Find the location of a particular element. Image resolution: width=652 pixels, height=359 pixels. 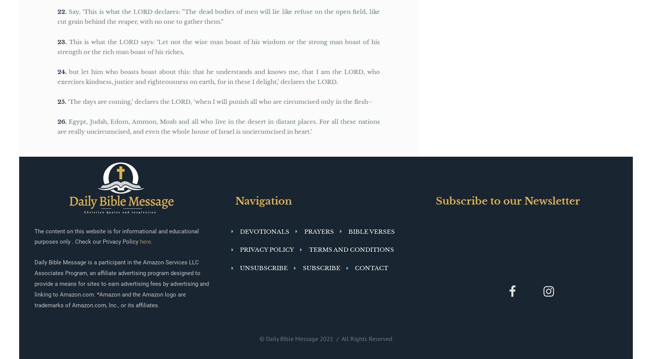

'24' is located at coordinates (57, 71).